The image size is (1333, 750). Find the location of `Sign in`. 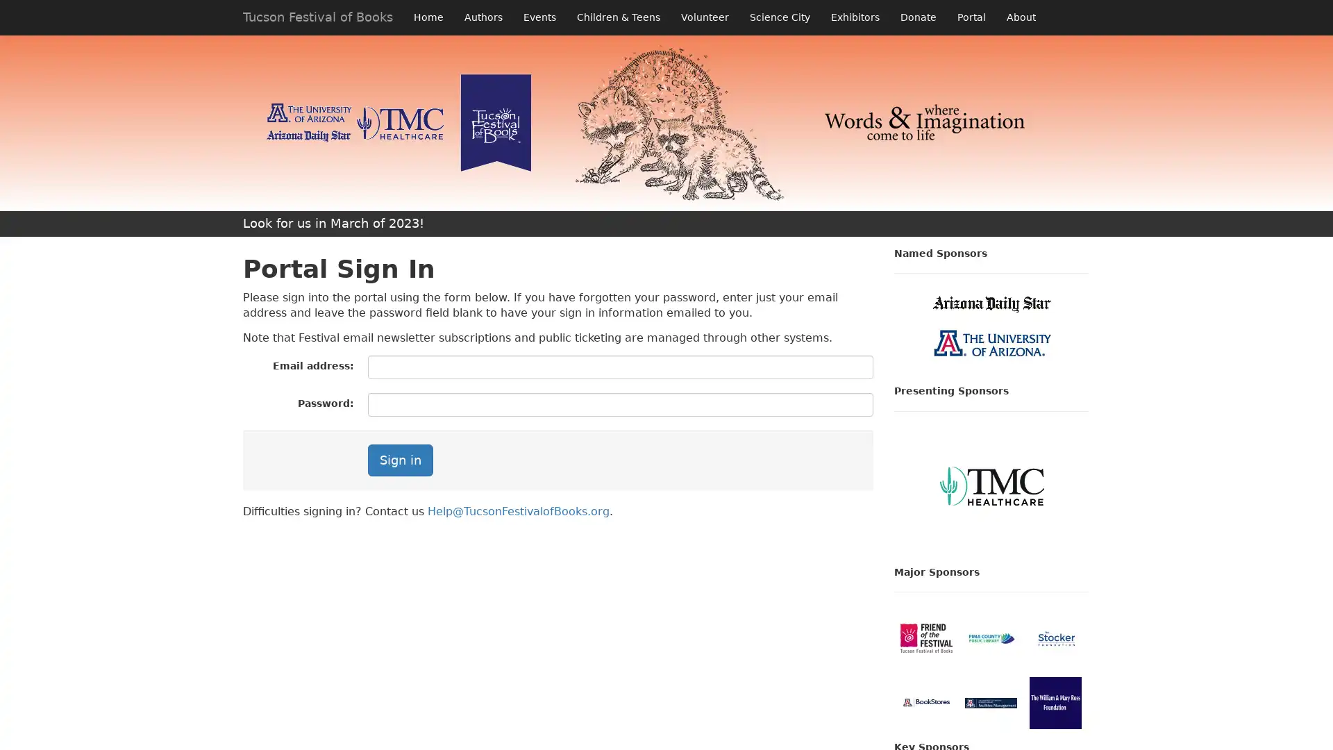

Sign in is located at coordinates (399, 460).